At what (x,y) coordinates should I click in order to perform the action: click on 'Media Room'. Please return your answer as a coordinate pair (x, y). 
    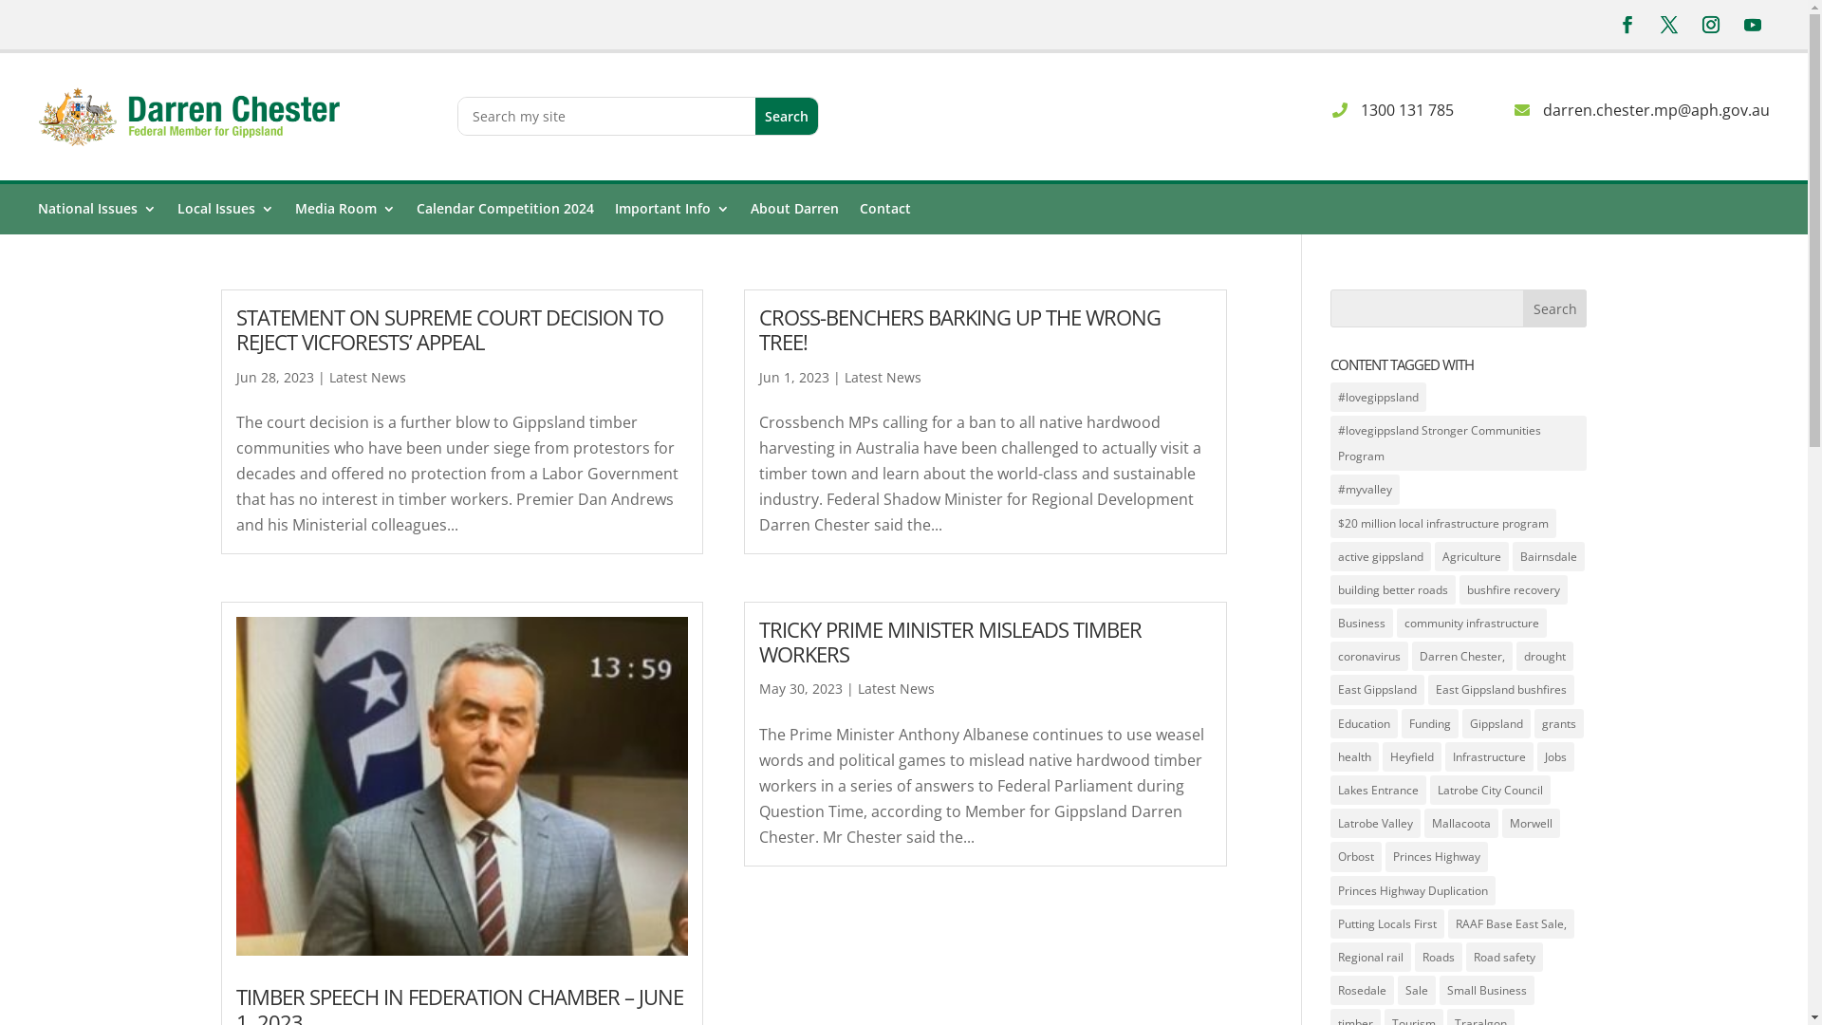
    Looking at the image, I should click on (345, 212).